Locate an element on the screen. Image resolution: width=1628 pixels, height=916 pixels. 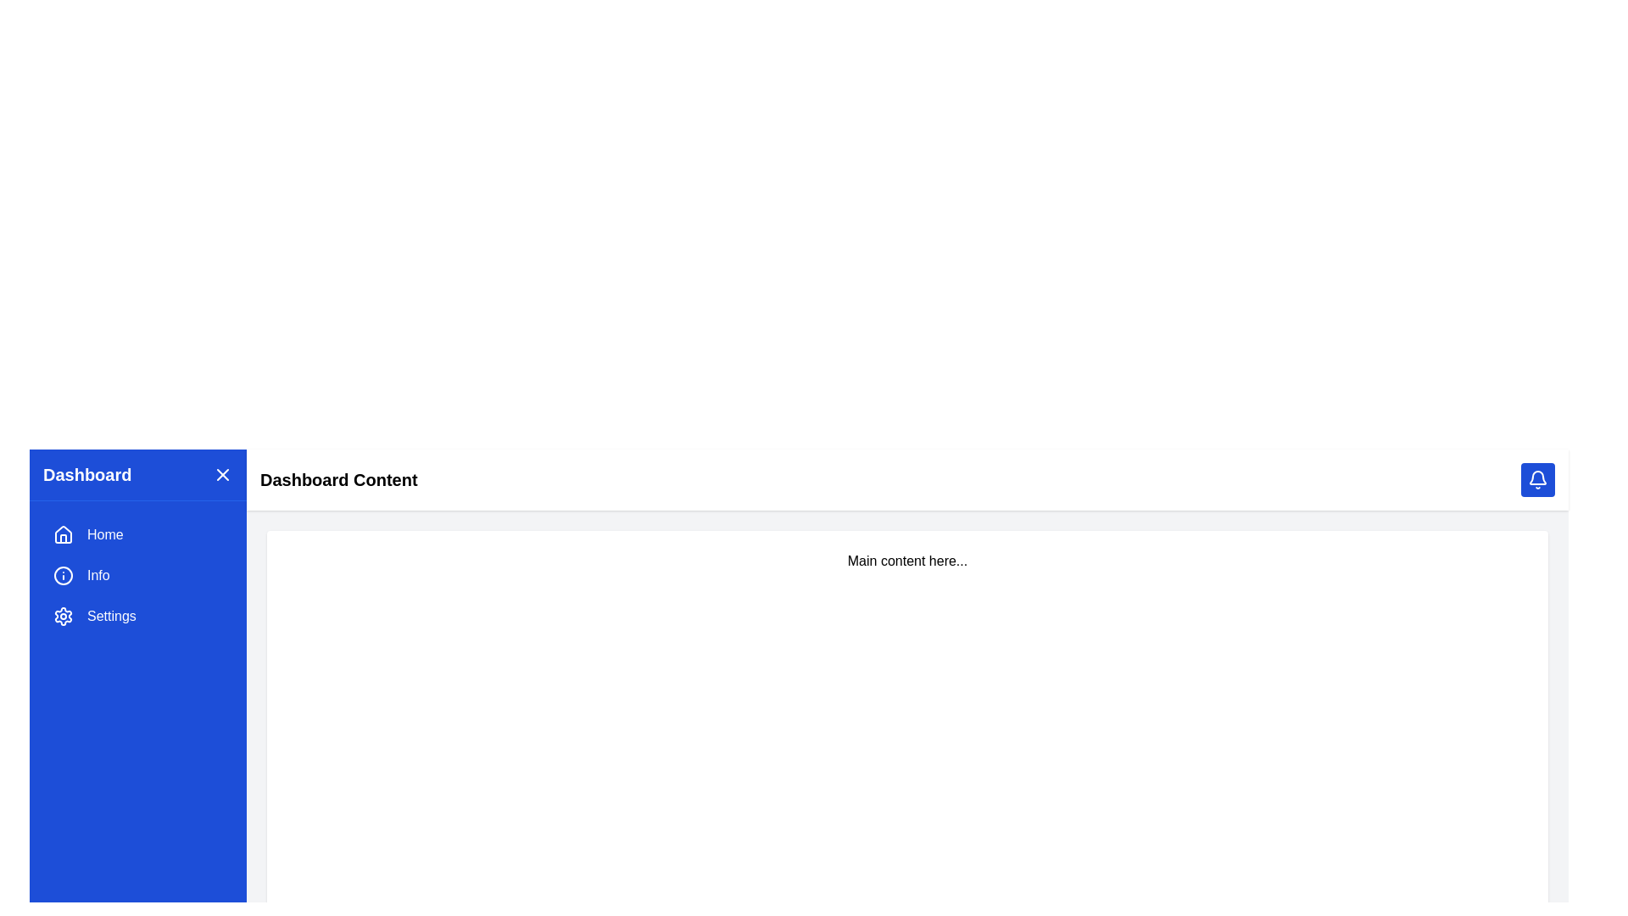
the Text label displaying 'Dashboard Content' in bold, located near the top section of the interface, left-aligned within a white bar is located at coordinates (338, 480).